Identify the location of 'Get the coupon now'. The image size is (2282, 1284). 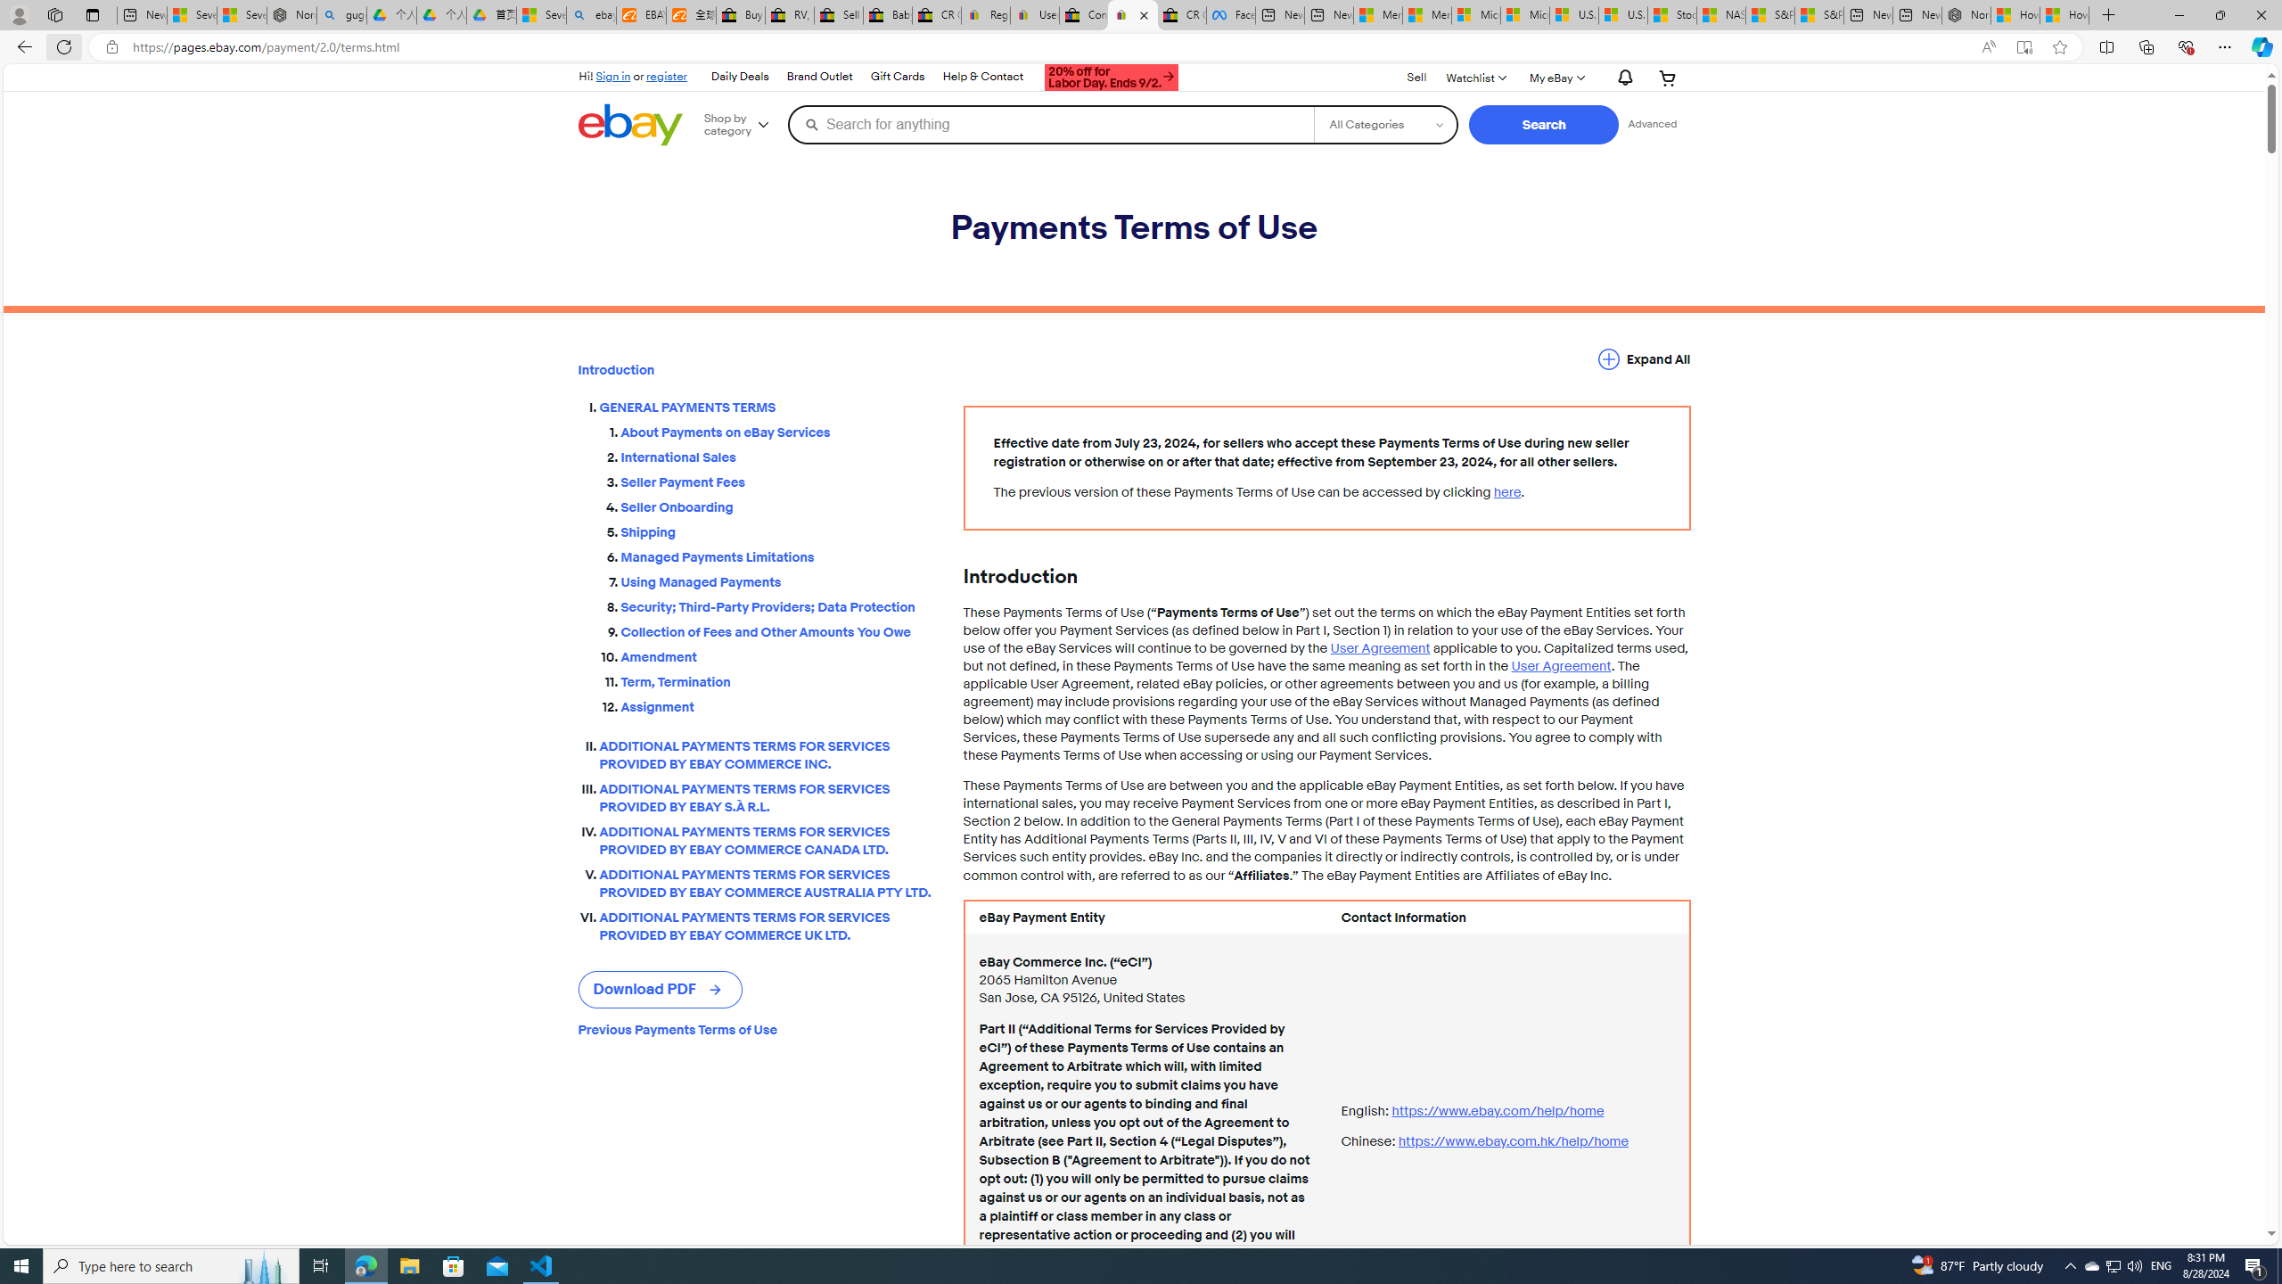
(1112, 78).